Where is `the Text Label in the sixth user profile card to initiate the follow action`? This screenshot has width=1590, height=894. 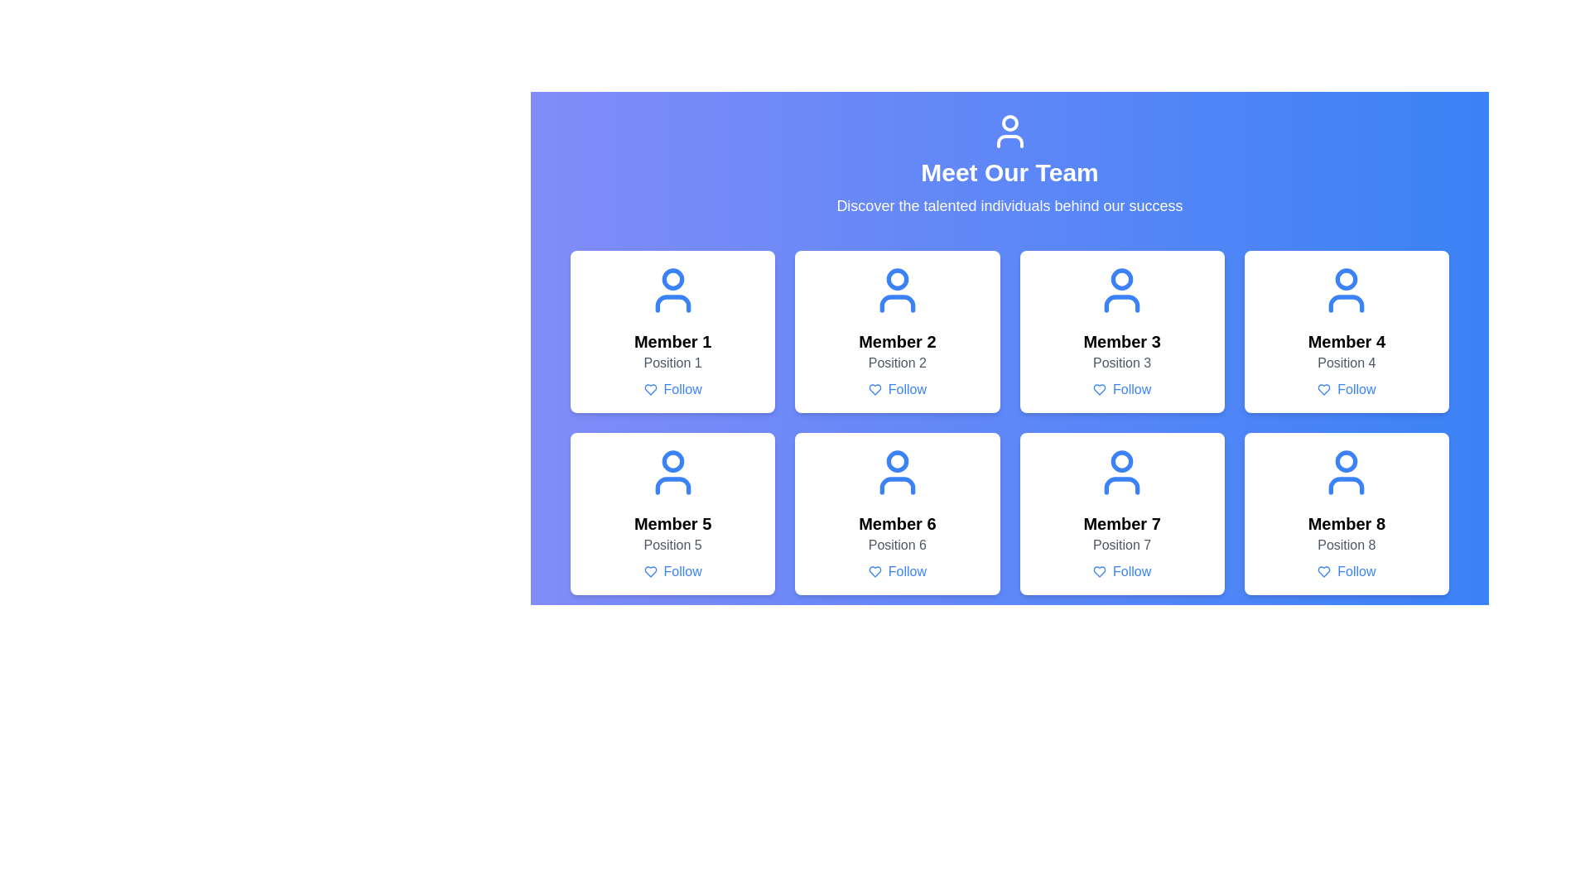
the Text Label in the sixth user profile card to initiate the follow action is located at coordinates (906, 570).